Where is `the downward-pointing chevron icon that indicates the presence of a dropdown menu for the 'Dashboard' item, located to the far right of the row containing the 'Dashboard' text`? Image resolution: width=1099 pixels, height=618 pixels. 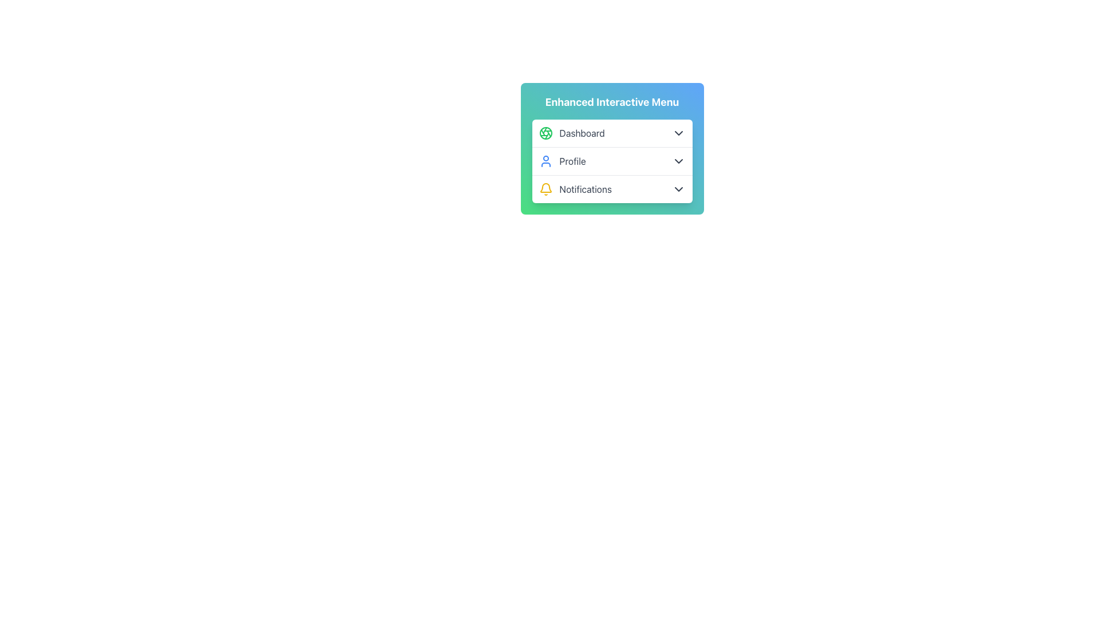 the downward-pointing chevron icon that indicates the presence of a dropdown menu for the 'Dashboard' item, located to the far right of the row containing the 'Dashboard' text is located at coordinates (678, 132).